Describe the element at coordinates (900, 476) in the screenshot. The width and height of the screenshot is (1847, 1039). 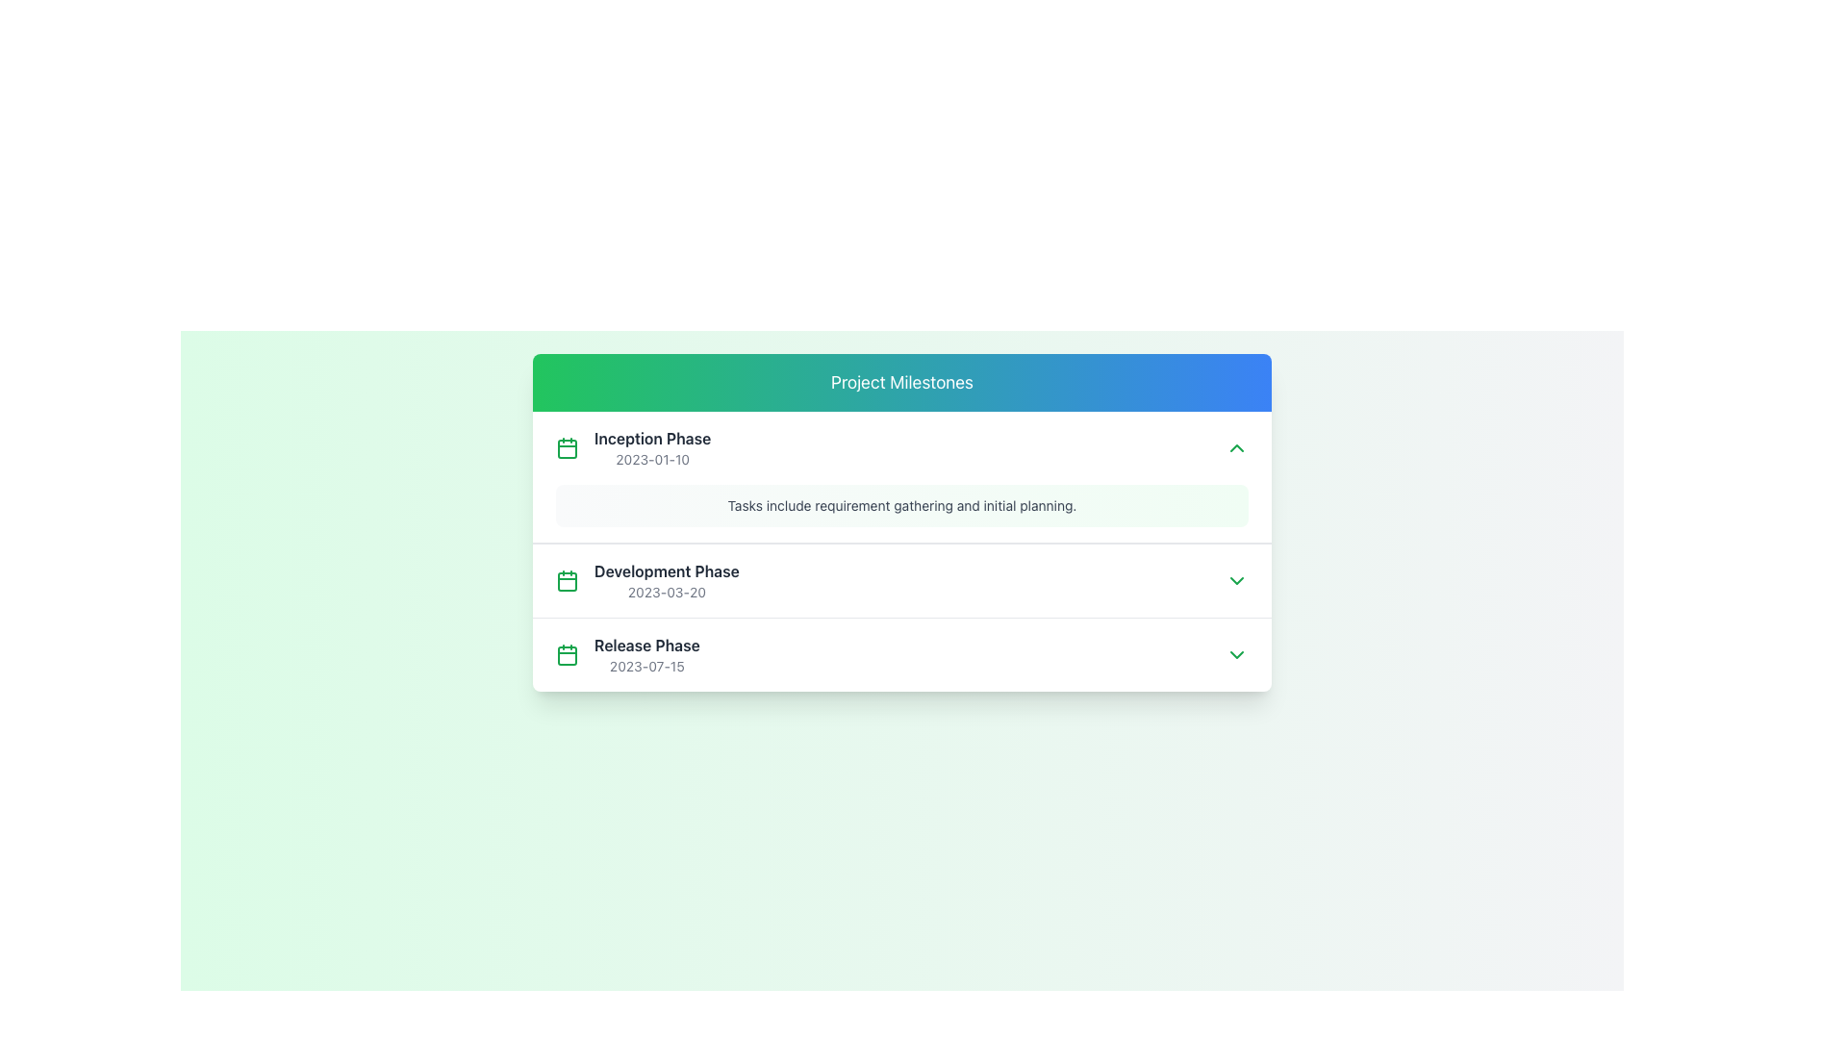
I see `the first expandable list item in the 'Project Milestones' section` at that location.